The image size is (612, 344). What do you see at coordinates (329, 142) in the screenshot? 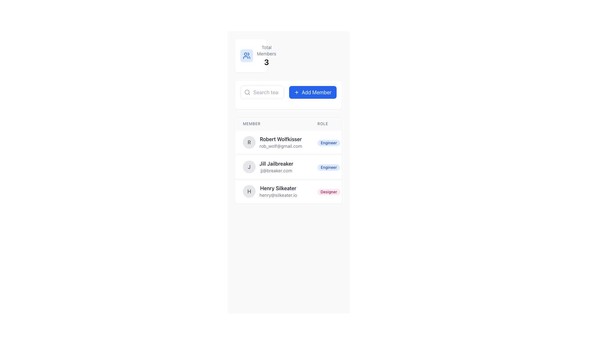
I see `the label displaying 'Engineer', which is a pill-shaped badge with a light blue background located in the 'ROLE' column of the first row in the member list, next to 'Robert Wolfkisser'` at bounding box center [329, 142].